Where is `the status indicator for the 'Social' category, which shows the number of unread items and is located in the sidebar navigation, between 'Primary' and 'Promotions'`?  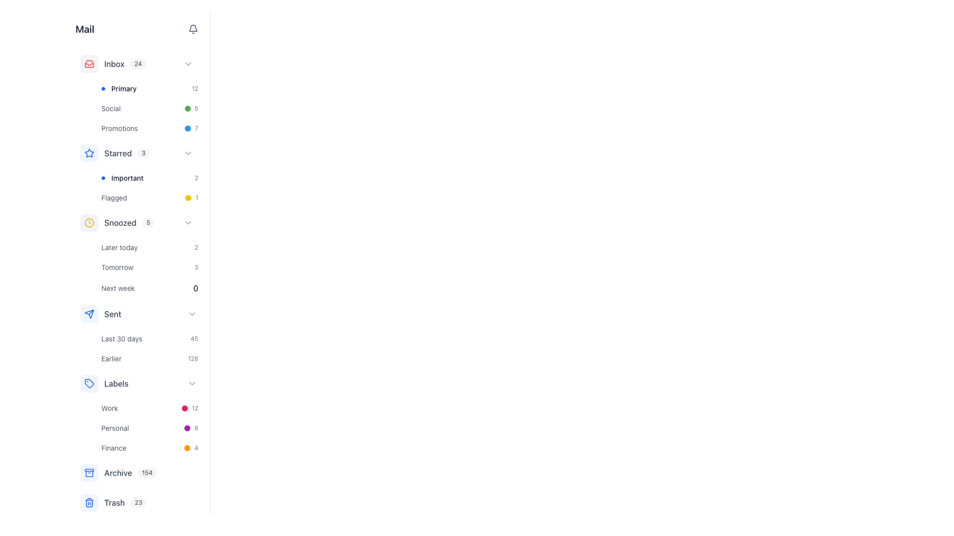
the status indicator for the 'Social' category, which shows the number of unread items and is located in the sidebar navigation, between 'Primary' and 'Promotions' is located at coordinates (191, 109).